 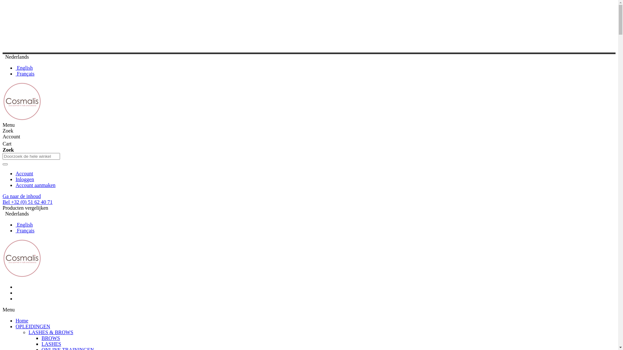 I want to click on 'Producten vergelijken', so click(x=25, y=208).